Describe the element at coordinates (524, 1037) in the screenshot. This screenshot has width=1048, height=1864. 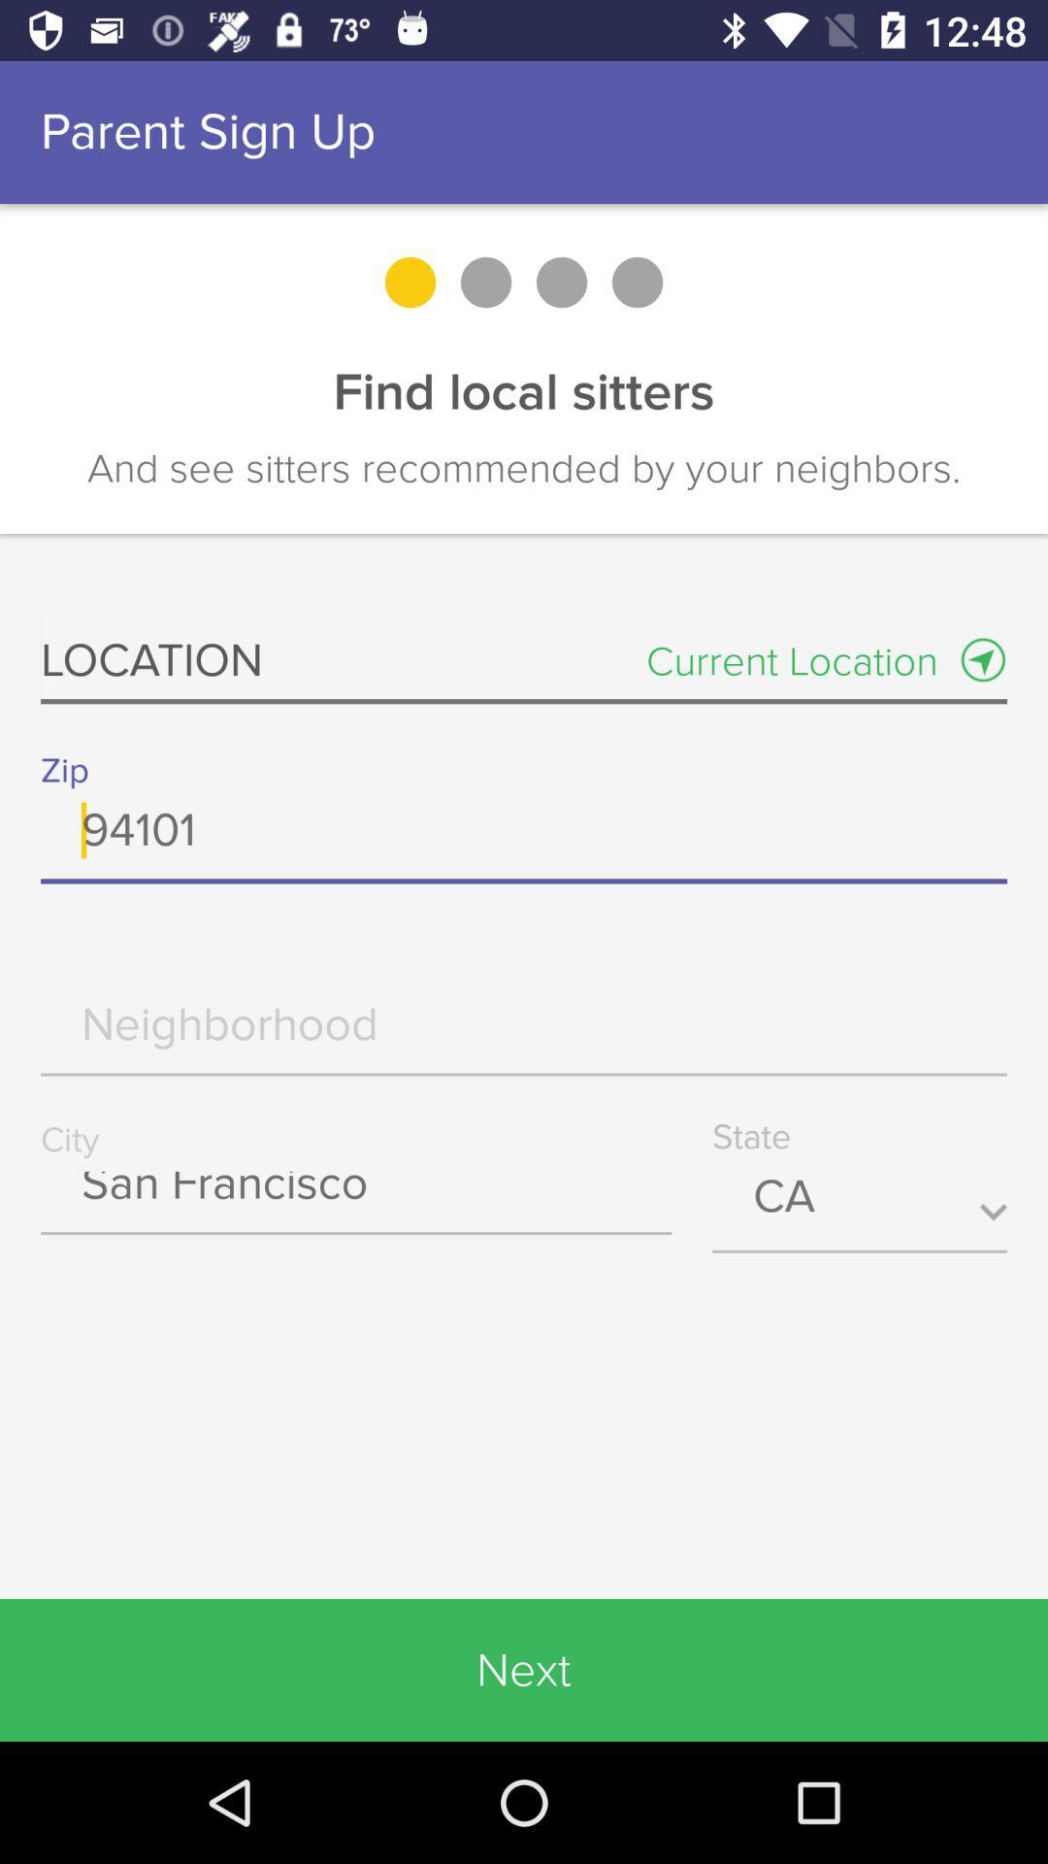
I see `neighborhood` at that location.